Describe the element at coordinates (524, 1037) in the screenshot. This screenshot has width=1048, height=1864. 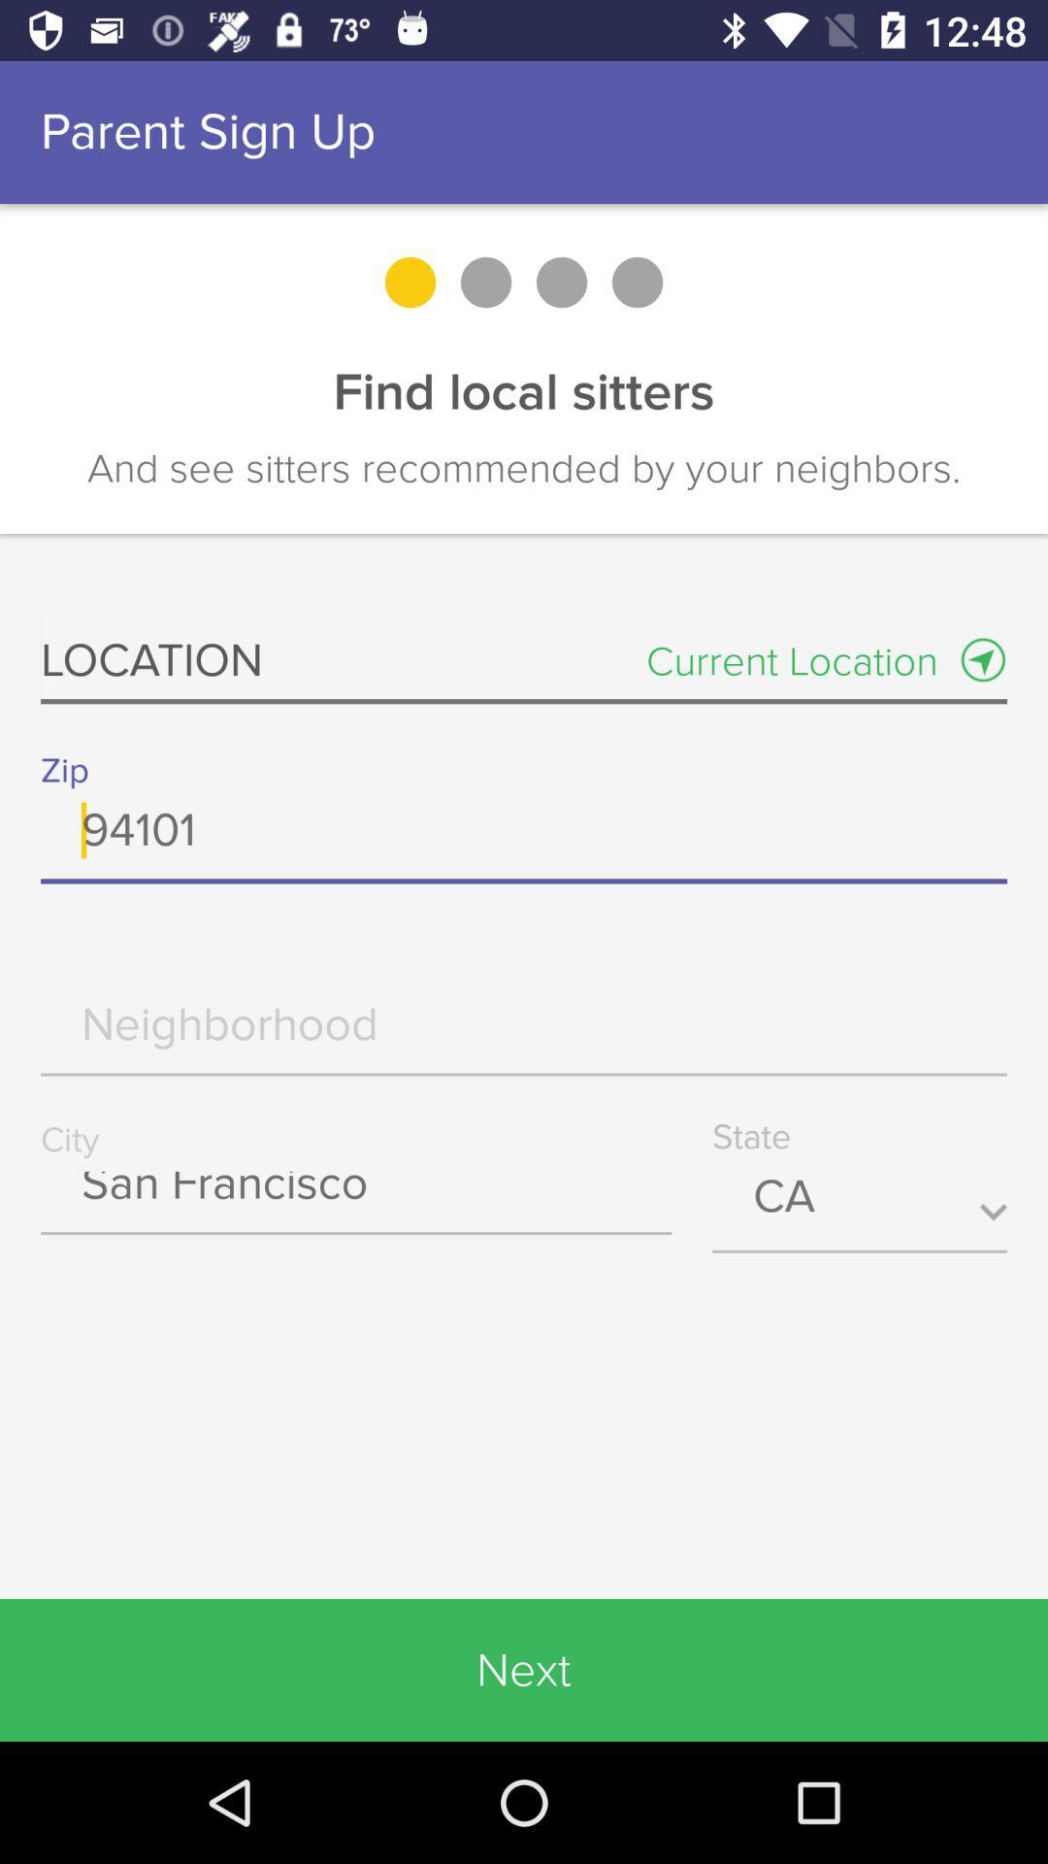
I see `neighborhood` at that location.